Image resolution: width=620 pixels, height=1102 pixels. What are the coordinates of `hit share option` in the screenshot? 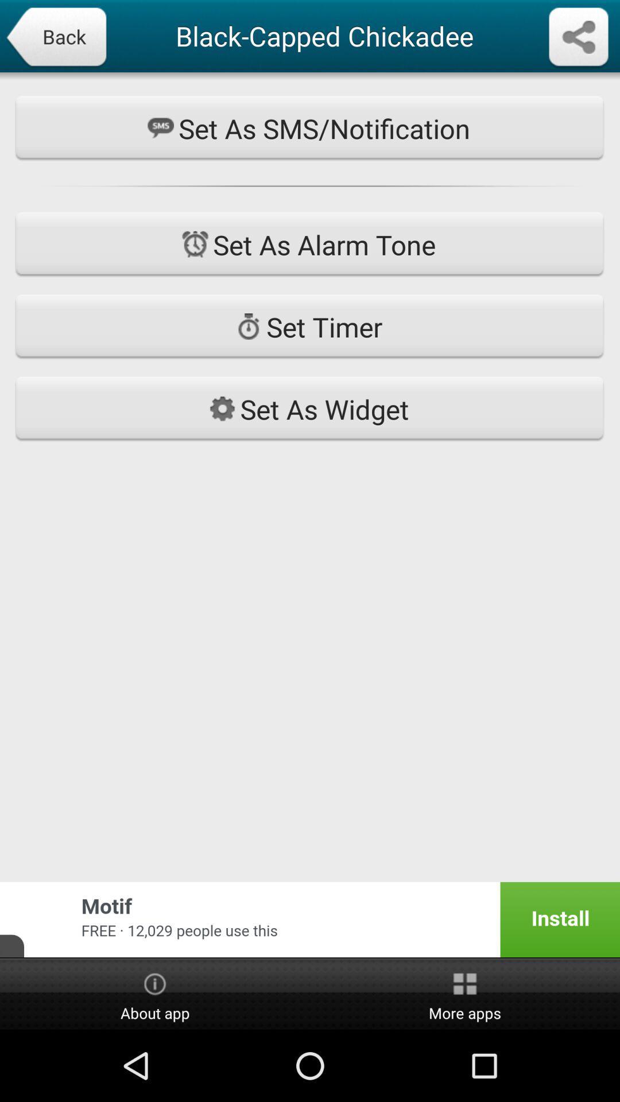 It's located at (578, 38).